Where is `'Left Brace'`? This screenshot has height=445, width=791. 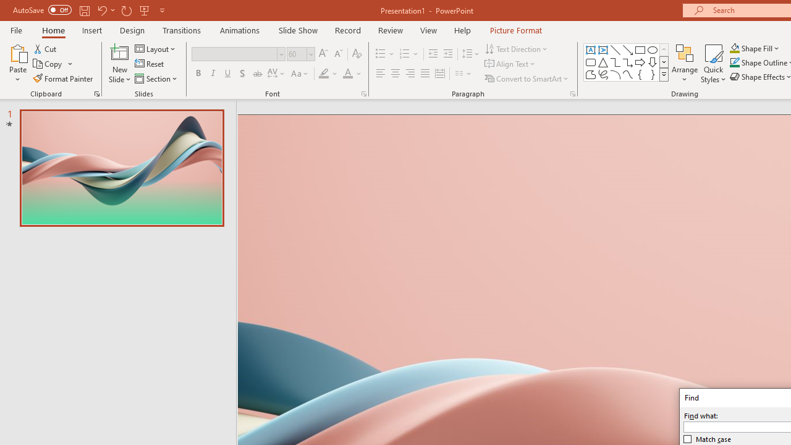
'Left Brace' is located at coordinates (640, 74).